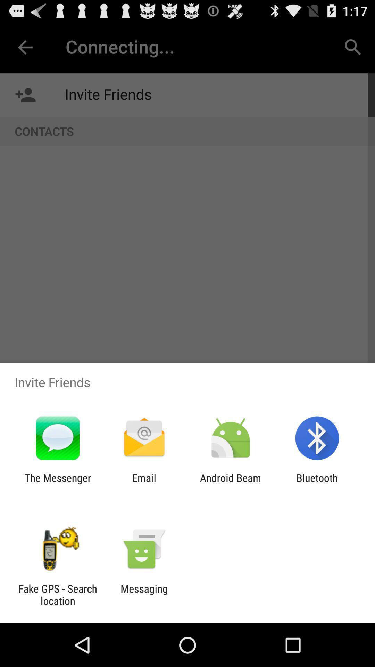 The height and width of the screenshot is (667, 375). Describe the element at coordinates (231, 484) in the screenshot. I see `item to the left of the bluetooth item` at that location.